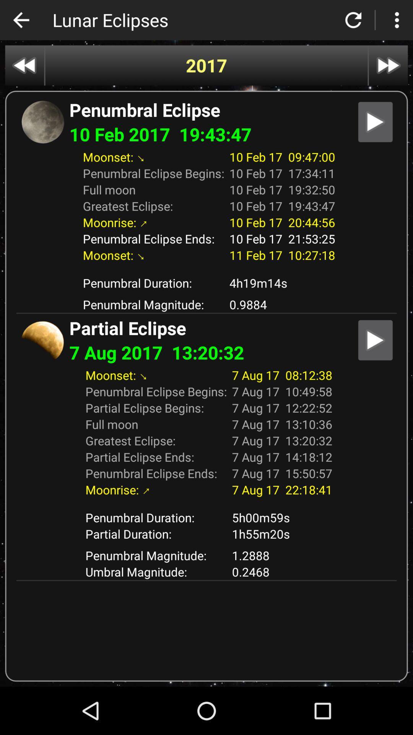  I want to click on the av_rewind icon, so click(24, 65).